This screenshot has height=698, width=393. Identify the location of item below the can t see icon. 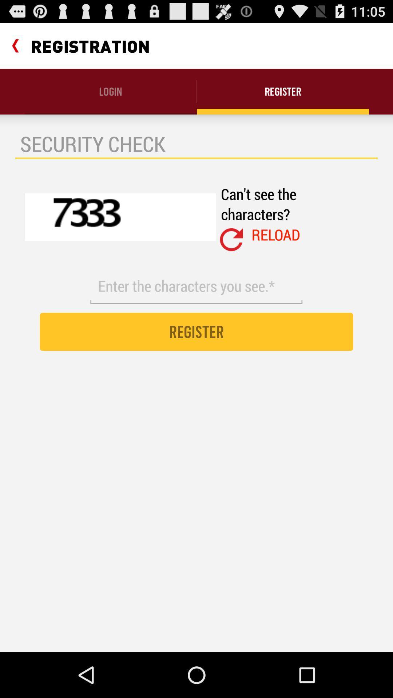
(276, 234).